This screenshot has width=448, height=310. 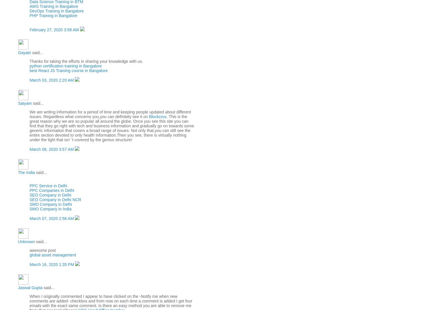 What do you see at coordinates (50, 209) in the screenshot?
I see `'SMO Company in India'` at bounding box center [50, 209].